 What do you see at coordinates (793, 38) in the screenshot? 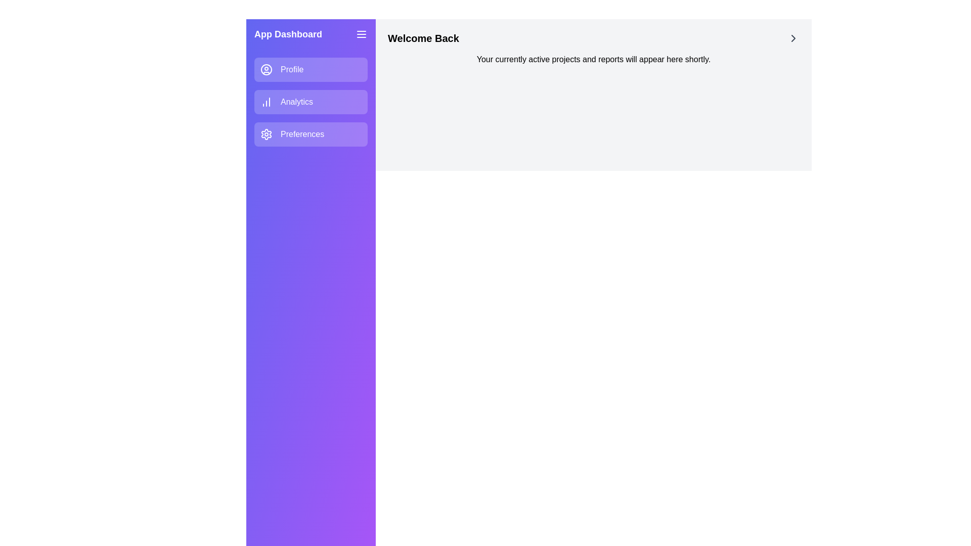
I see `the chevron icon to perform its action` at bounding box center [793, 38].